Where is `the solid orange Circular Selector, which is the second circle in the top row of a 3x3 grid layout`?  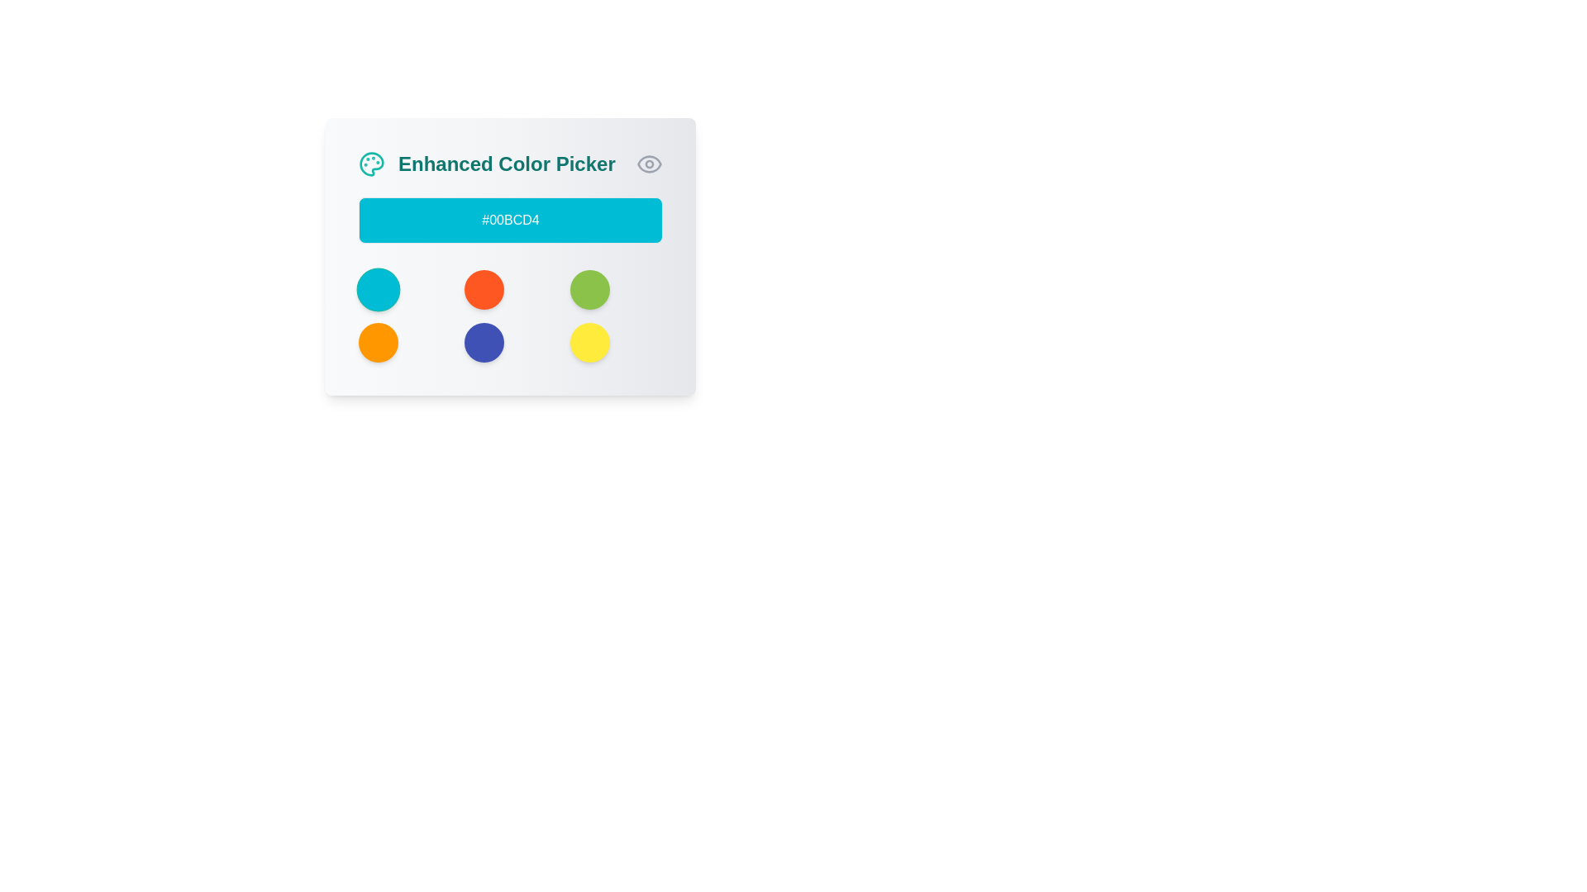
the solid orange Circular Selector, which is the second circle in the top row of a 3x3 grid layout is located at coordinates (510, 279).